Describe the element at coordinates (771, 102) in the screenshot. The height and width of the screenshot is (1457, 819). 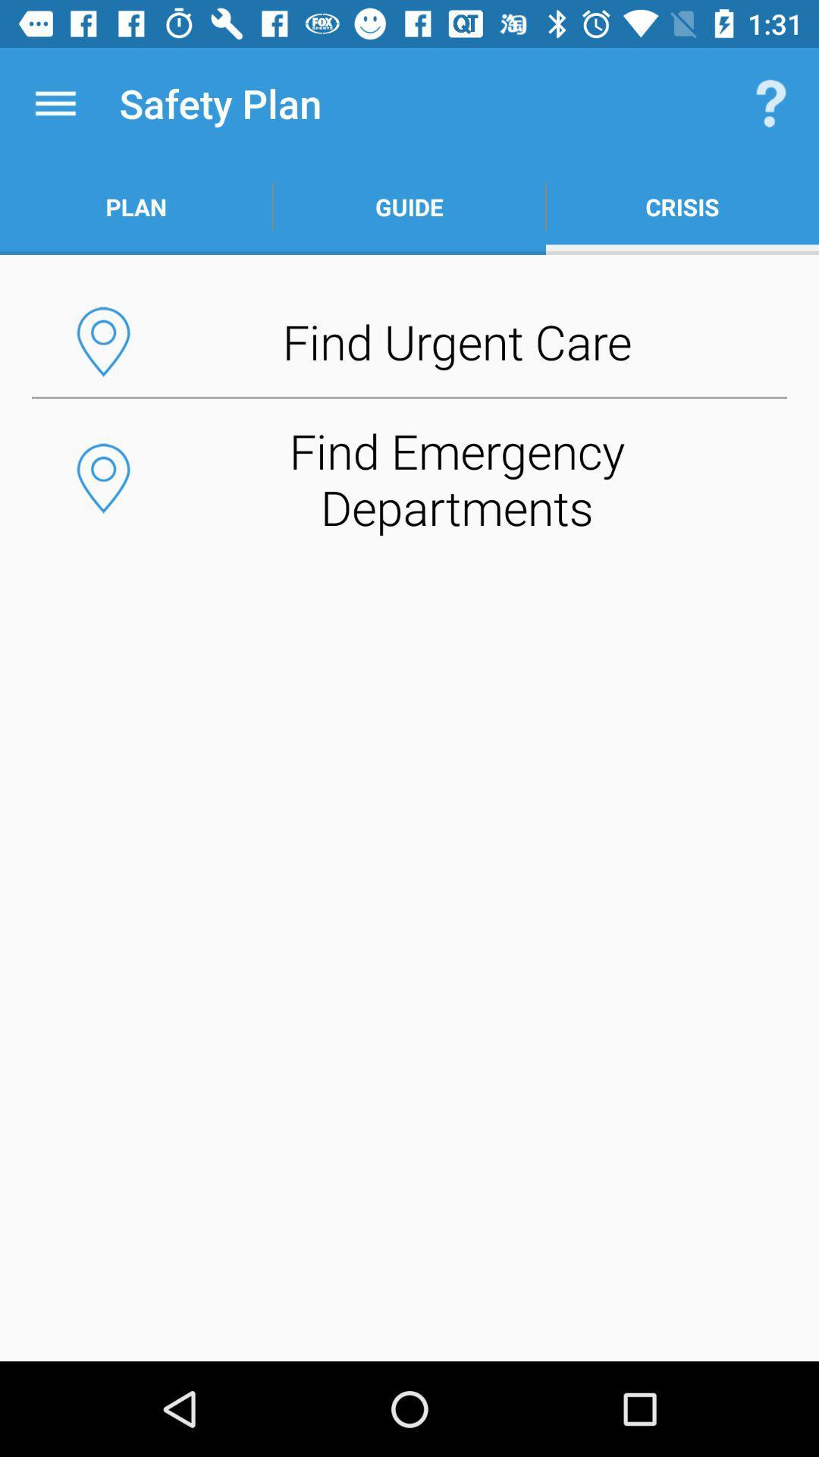
I see `app to the right of guide item` at that location.